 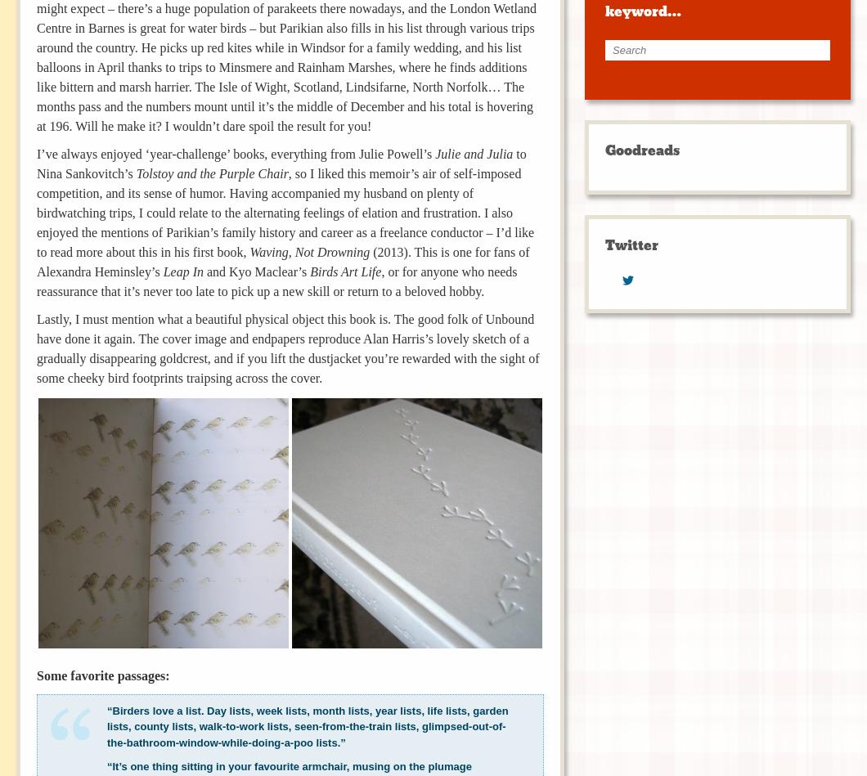 What do you see at coordinates (161, 271) in the screenshot?
I see `'Leap In'` at bounding box center [161, 271].